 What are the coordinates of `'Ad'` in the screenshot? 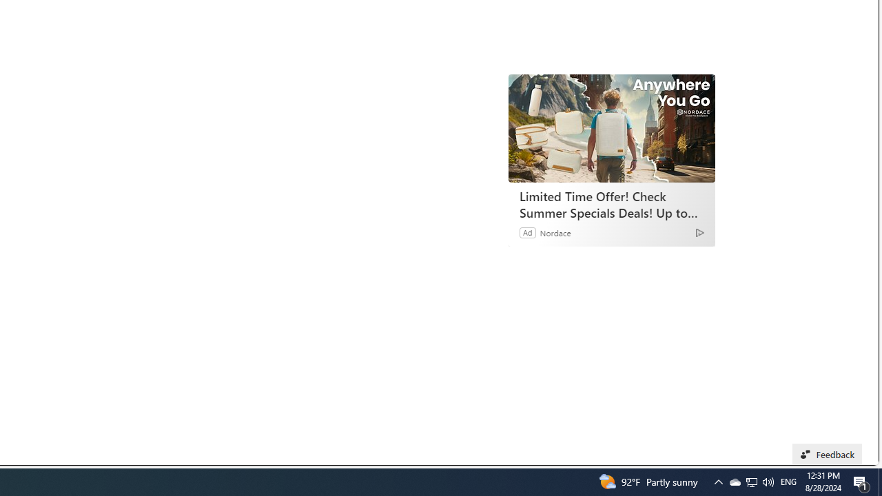 It's located at (527, 231).